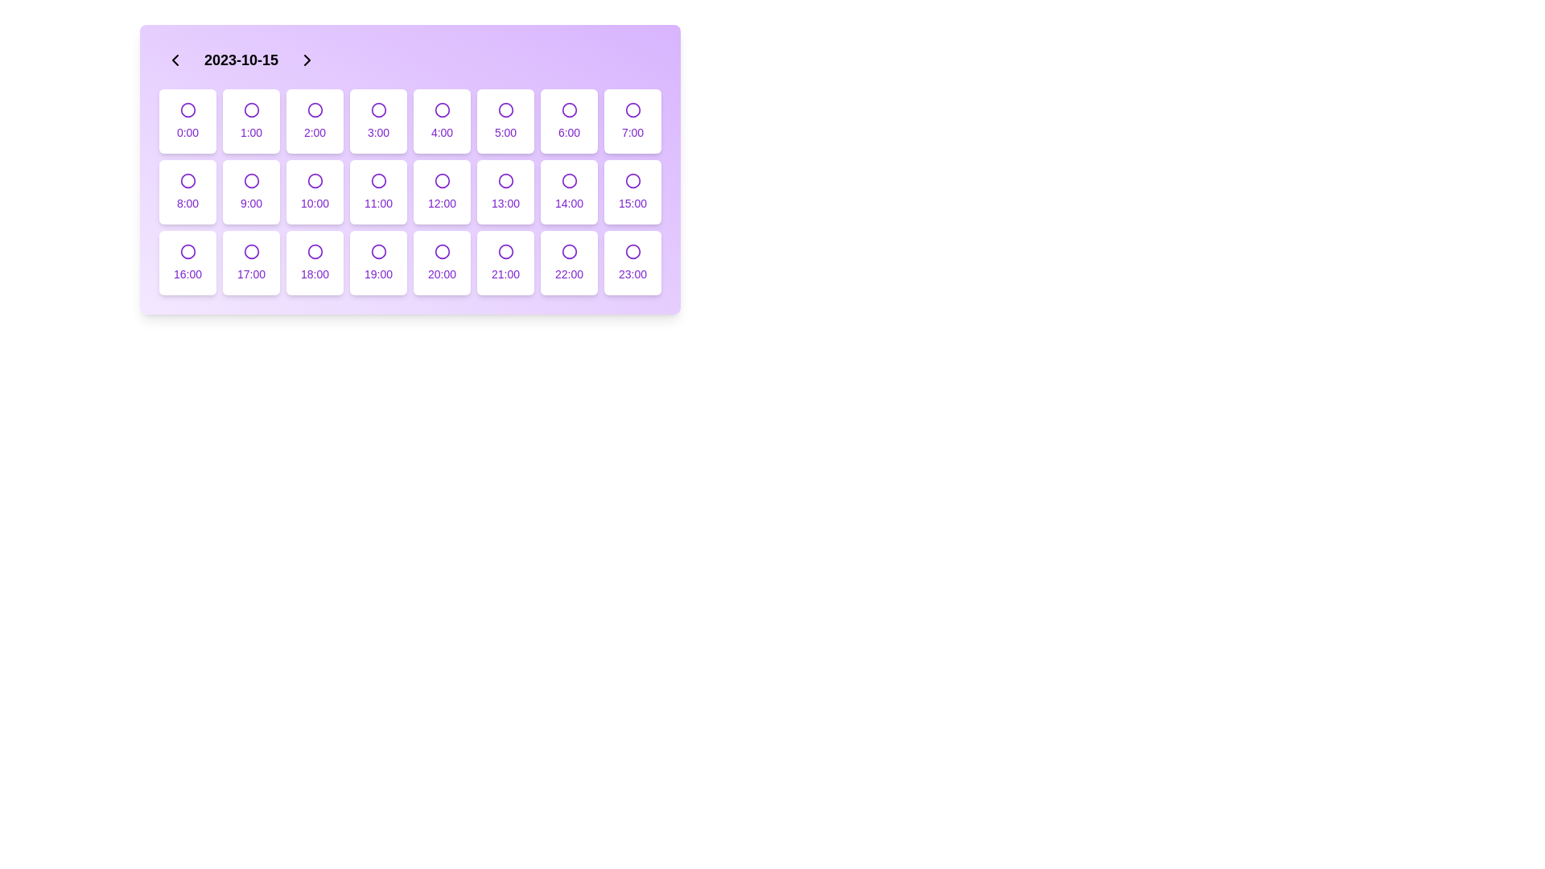  I want to click on the circular radio button with a purple border located in the second row and fourth column of the time grid layout, labeled '4:00', so click(442, 109).